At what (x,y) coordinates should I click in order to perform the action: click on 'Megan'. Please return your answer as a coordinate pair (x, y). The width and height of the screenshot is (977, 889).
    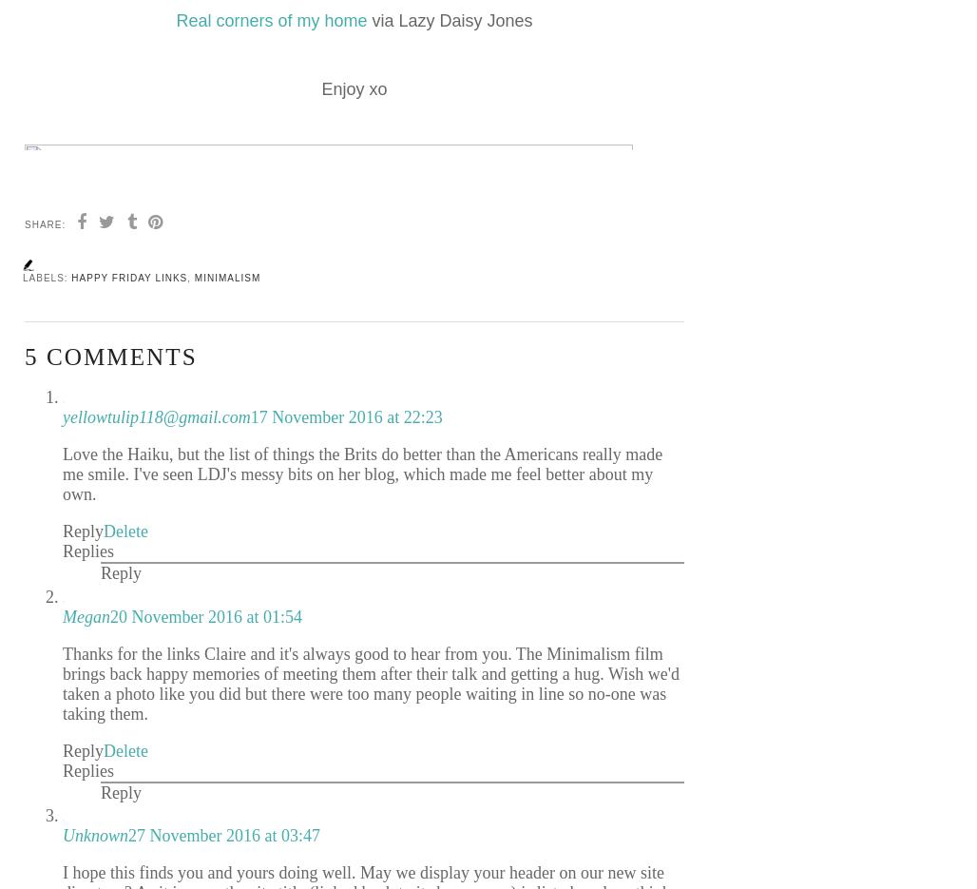
    Looking at the image, I should click on (85, 615).